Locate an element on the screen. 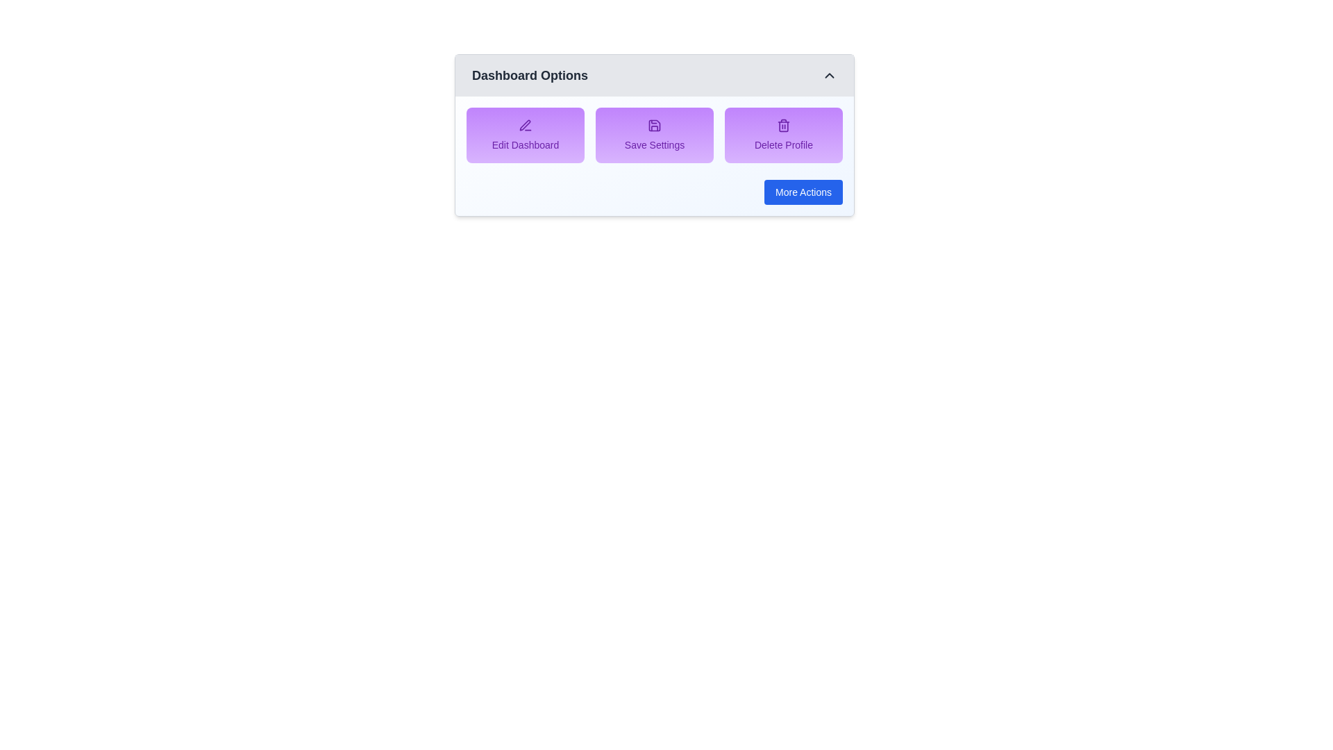 This screenshot has width=1333, height=750. the 'Edit Dashboard' button is located at coordinates (525, 135).